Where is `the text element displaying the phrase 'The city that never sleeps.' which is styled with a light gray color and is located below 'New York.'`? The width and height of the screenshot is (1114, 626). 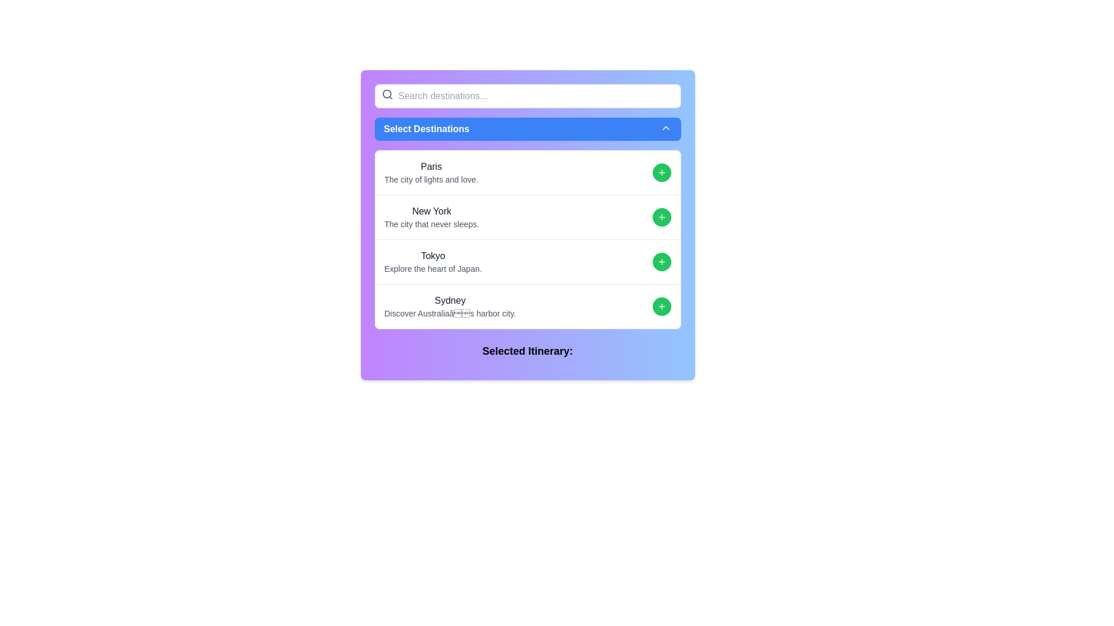
the text element displaying the phrase 'The city that never sleeps.' which is styled with a light gray color and is located below 'New York.' is located at coordinates (431, 224).